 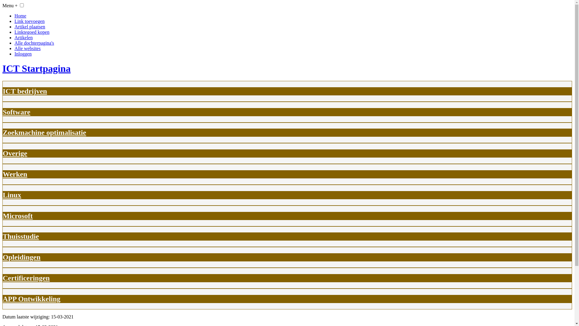 I want to click on 'Home', so click(x=14, y=15).